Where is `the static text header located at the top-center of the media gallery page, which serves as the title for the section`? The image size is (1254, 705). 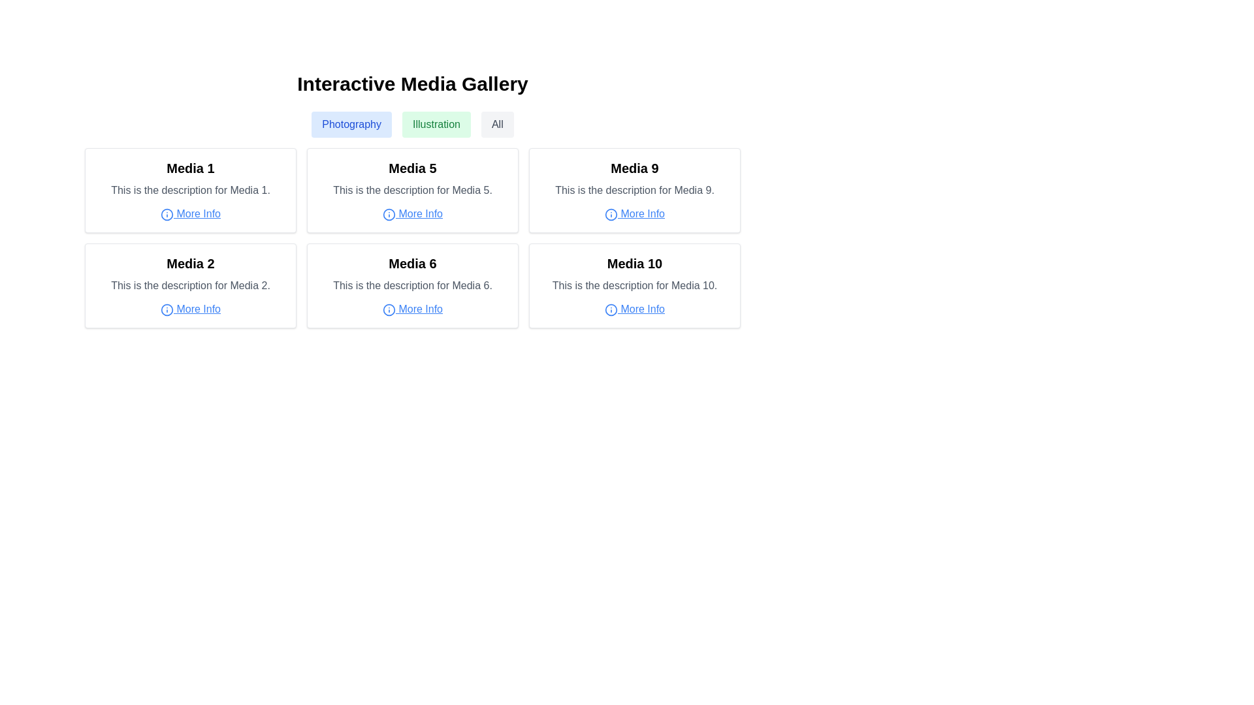
the static text header located at the top-center of the media gallery page, which serves as the title for the section is located at coordinates (412, 84).